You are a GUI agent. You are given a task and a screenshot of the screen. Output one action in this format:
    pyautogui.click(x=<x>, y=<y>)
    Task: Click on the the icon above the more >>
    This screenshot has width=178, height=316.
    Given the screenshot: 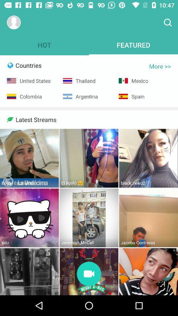 What is the action you would take?
    pyautogui.click(x=167, y=22)
    